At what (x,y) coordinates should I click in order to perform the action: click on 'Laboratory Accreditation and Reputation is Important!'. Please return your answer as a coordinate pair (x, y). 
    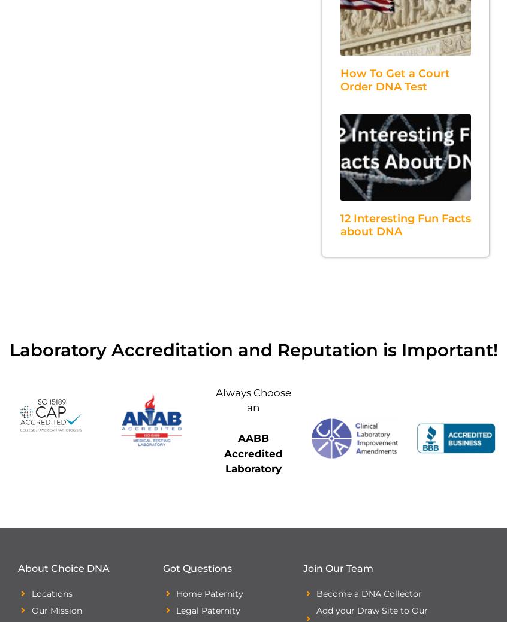
    Looking at the image, I should click on (8, 349).